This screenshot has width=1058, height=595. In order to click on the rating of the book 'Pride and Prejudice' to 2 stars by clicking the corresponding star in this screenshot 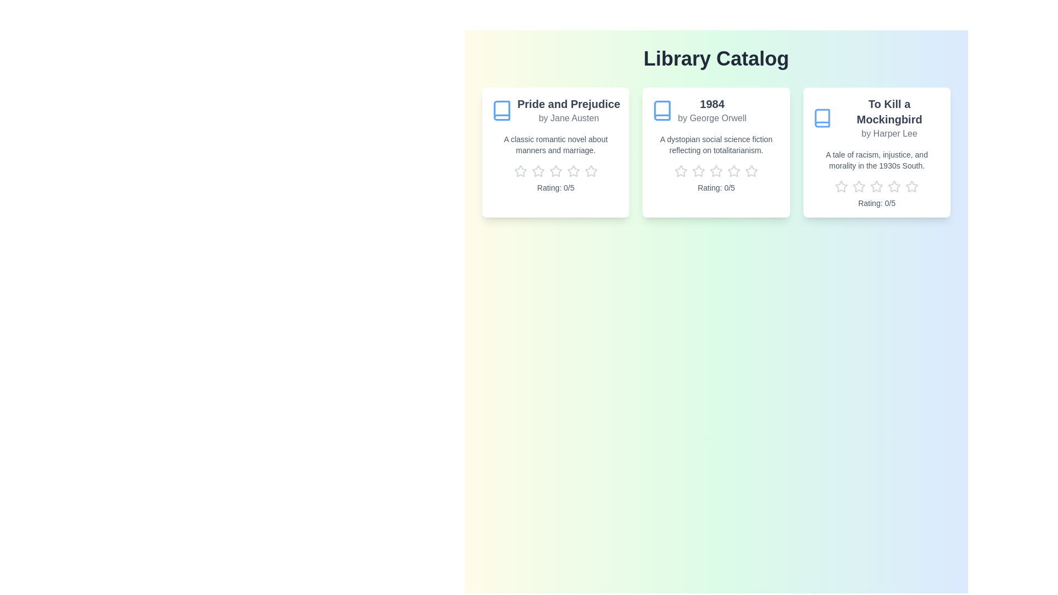, I will do `click(538, 171)`.